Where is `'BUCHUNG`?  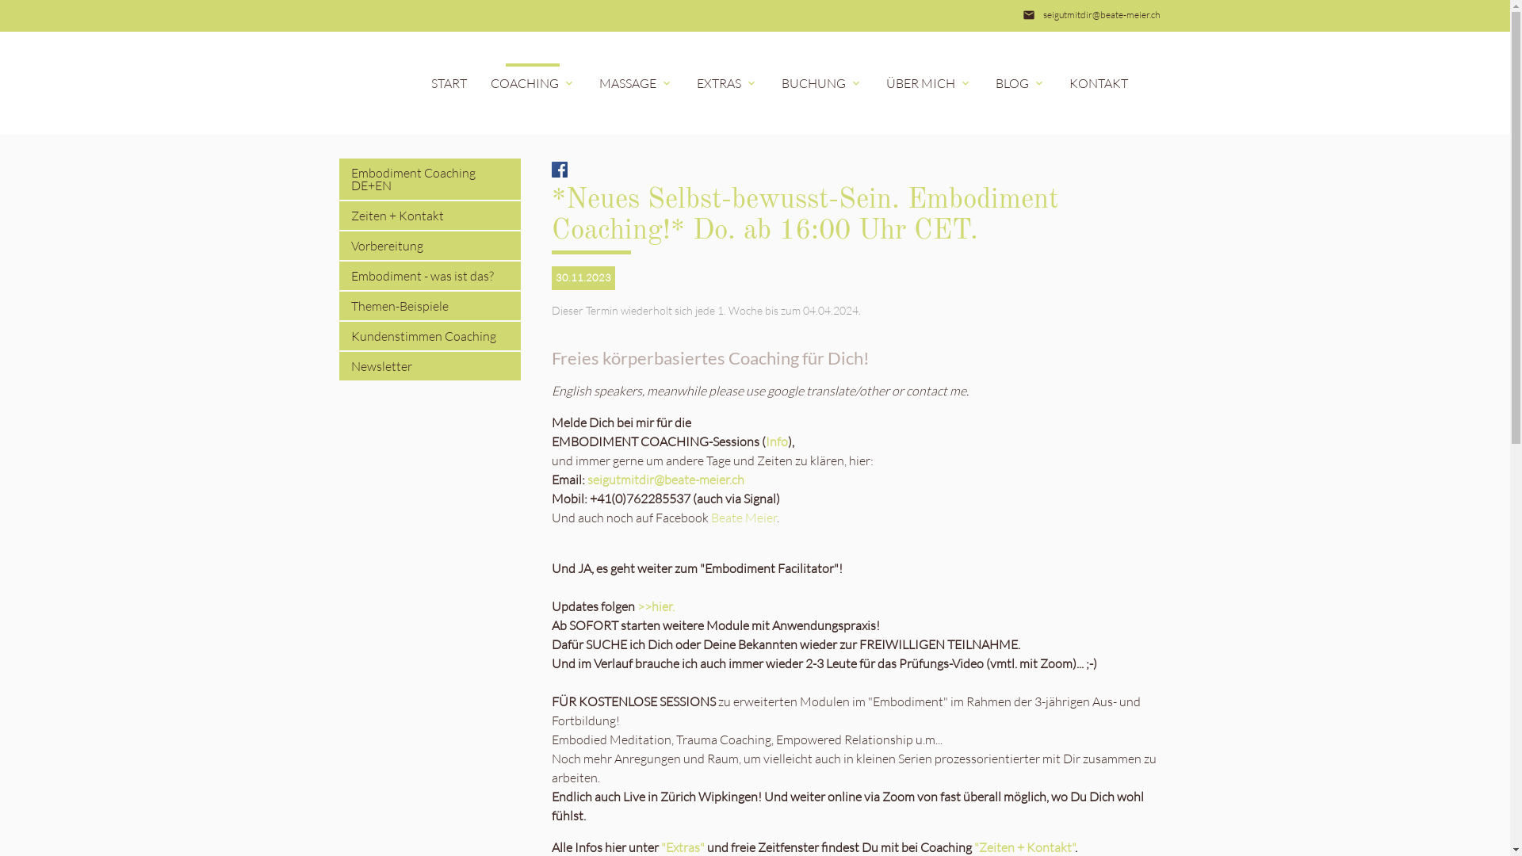
'BUCHUNG is located at coordinates (768, 82).